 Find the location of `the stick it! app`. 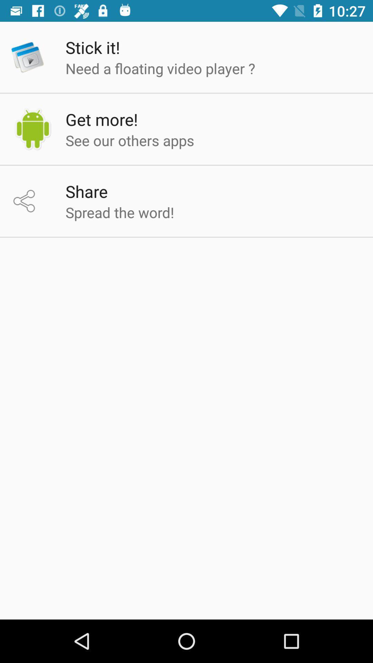

the stick it! app is located at coordinates (92, 47).